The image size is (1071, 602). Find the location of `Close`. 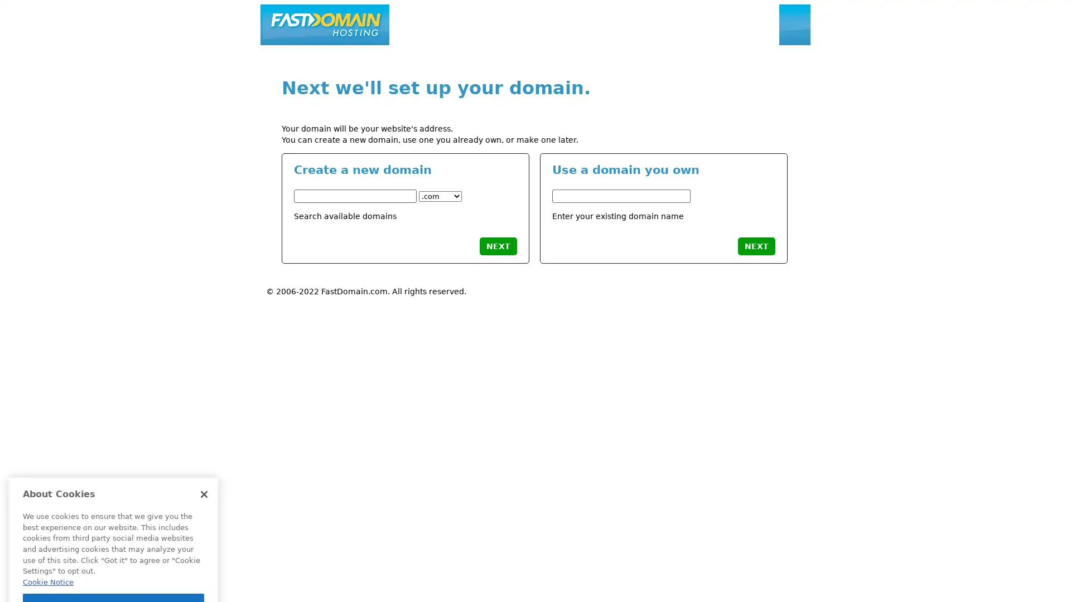

Close is located at coordinates (204, 425).